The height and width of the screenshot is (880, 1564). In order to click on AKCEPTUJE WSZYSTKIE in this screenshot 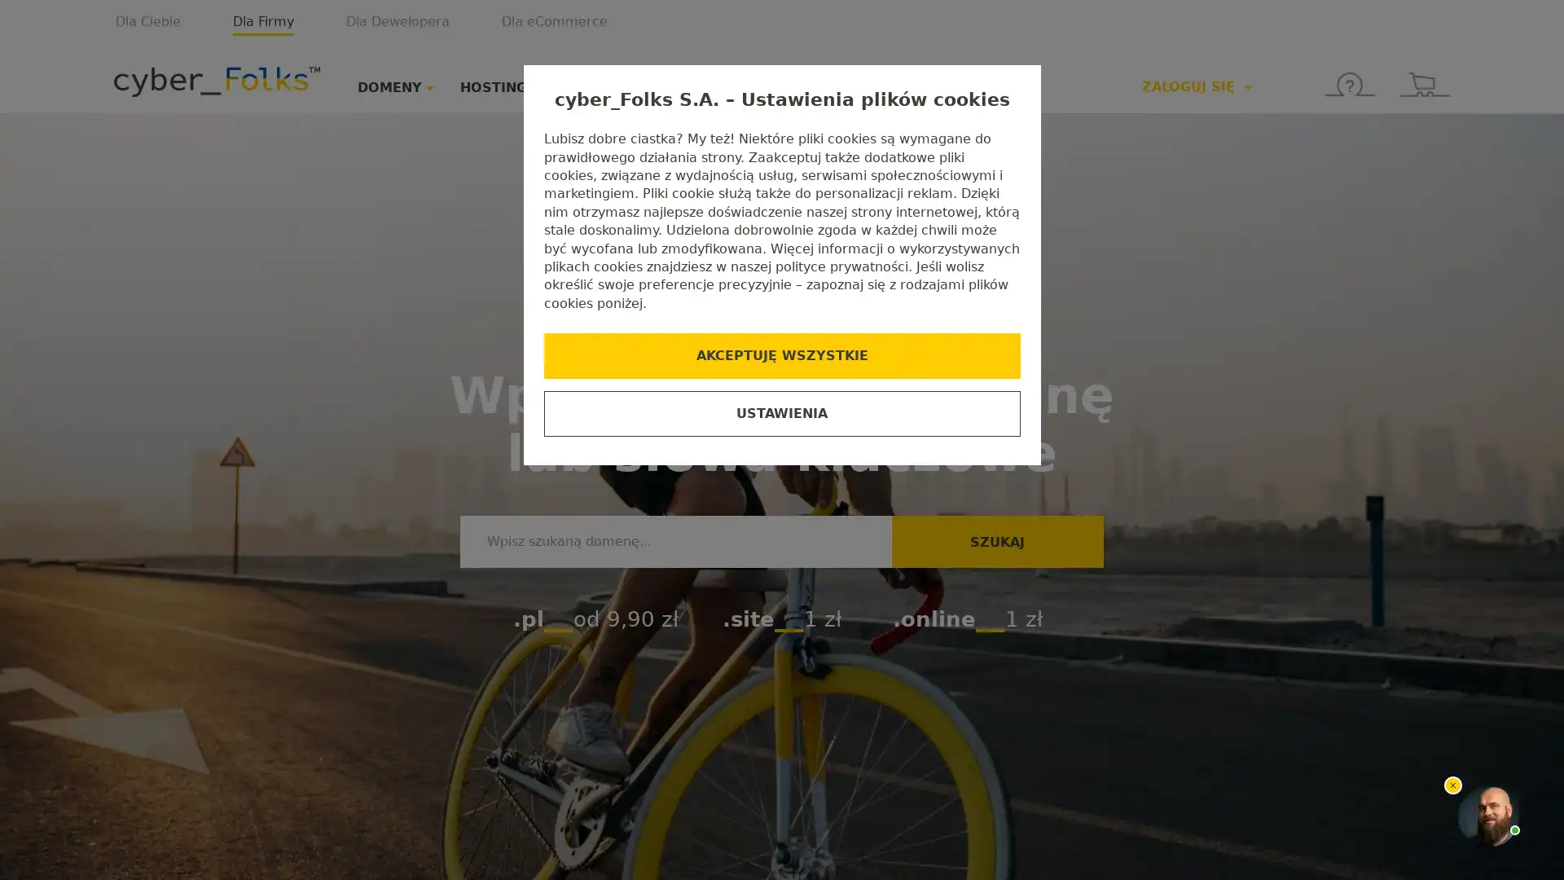, I will do `click(780, 354)`.